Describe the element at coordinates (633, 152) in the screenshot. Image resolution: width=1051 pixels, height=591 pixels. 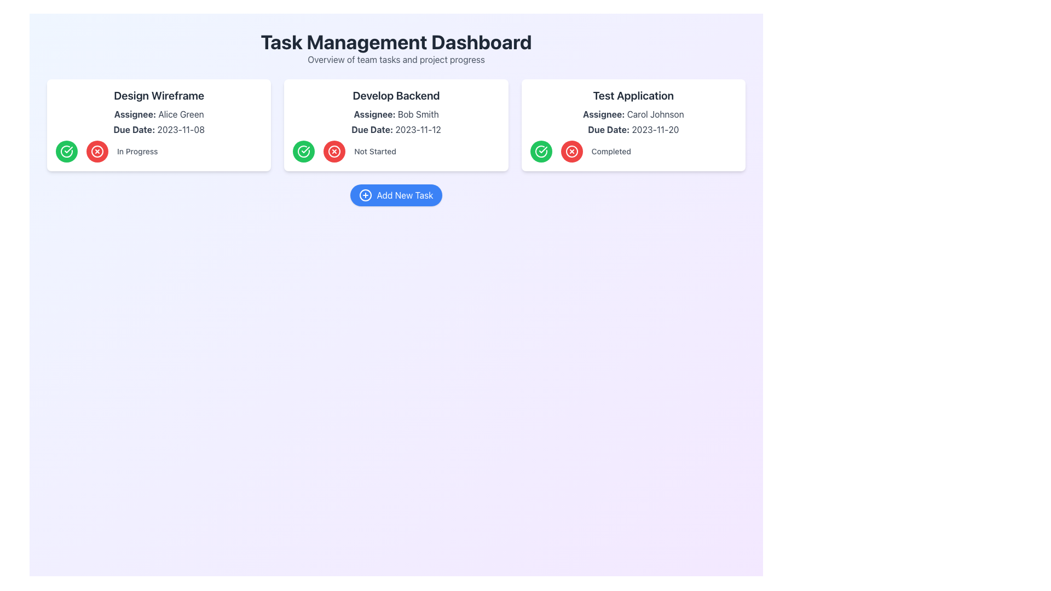
I see `the text label reading 'Completed' which is styled in gray and positioned to the right of the green checkmark and red cross buttons inside the 'Test Application' card in the task management dashboard` at that location.